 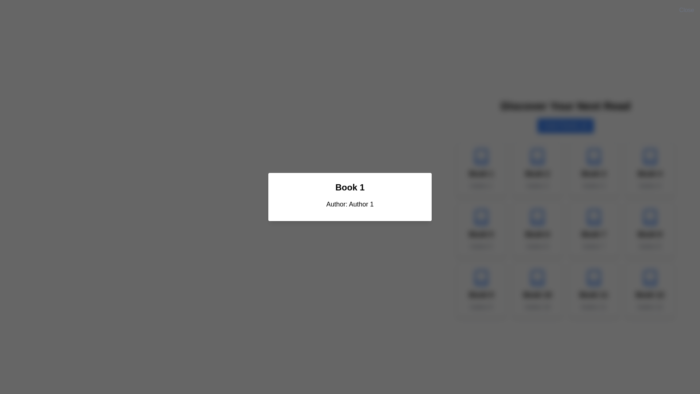 What do you see at coordinates (594, 169) in the screenshot?
I see `the interactive card element representing the book in the third column of the first row, which displays the book title and author` at bounding box center [594, 169].